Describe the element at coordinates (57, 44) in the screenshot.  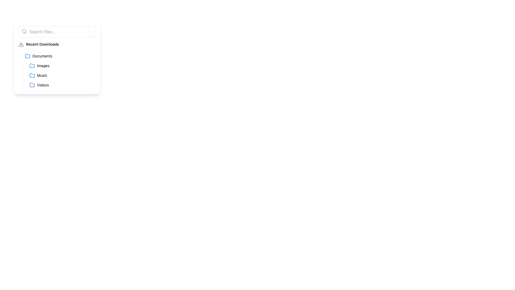
I see `the Header with icon and text that groups or categorizes recently downloaded files, located in the file navigation panel beneath the search bar` at that location.